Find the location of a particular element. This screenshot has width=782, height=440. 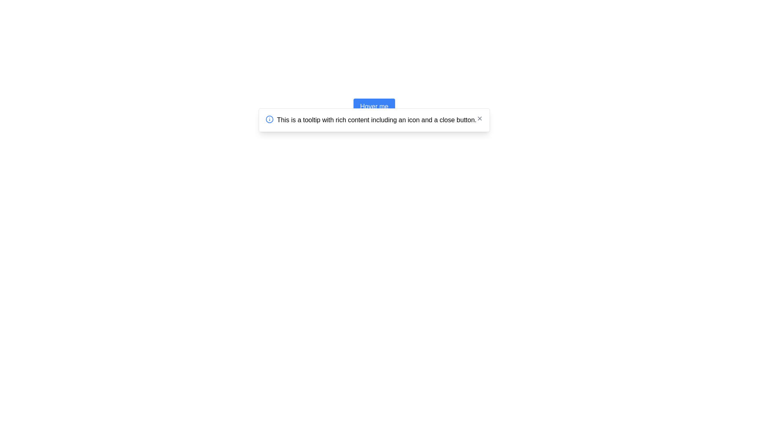

the circular blue icon with a white background and an outlined 'i' symbol, which is positioned at the beginning of the tooltip content is located at coordinates (270, 119).